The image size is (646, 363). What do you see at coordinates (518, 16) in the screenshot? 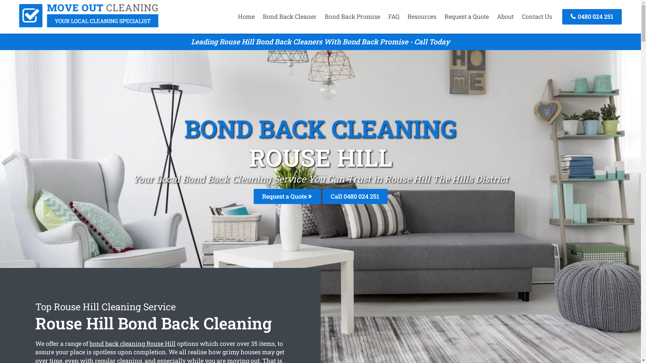
I see `'Contact Us'` at bounding box center [518, 16].